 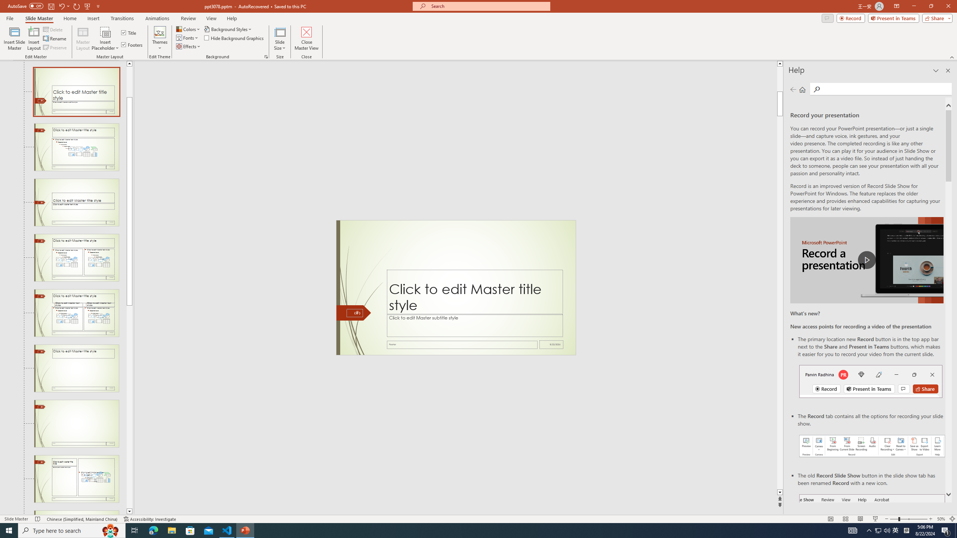 I want to click on 'Insert Slide Master', so click(x=14, y=38).